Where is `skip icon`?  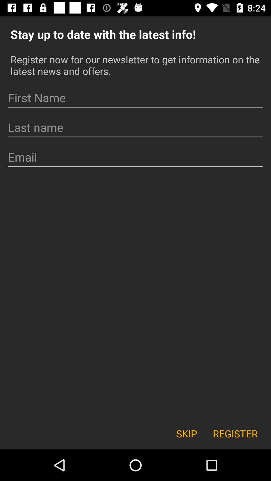 skip icon is located at coordinates (186, 433).